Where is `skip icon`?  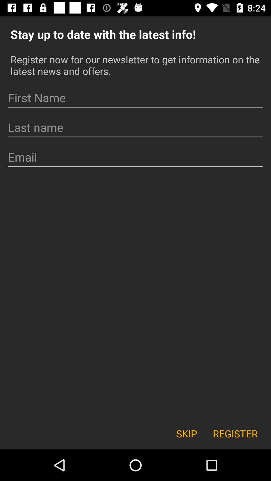 skip icon is located at coordinates (186, 433).